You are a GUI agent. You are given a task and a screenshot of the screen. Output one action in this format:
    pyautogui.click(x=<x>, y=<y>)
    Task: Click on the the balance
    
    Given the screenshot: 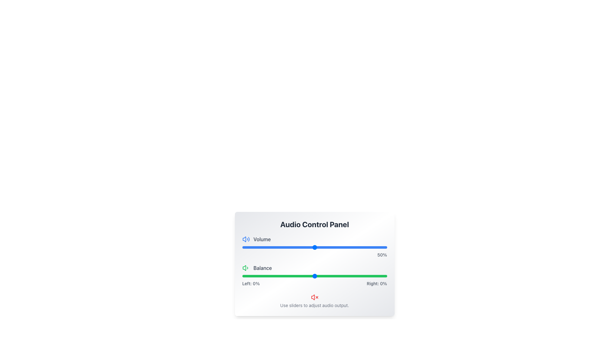 What is the action you would take?
    pyautogui.click(x=352, y=276)
    